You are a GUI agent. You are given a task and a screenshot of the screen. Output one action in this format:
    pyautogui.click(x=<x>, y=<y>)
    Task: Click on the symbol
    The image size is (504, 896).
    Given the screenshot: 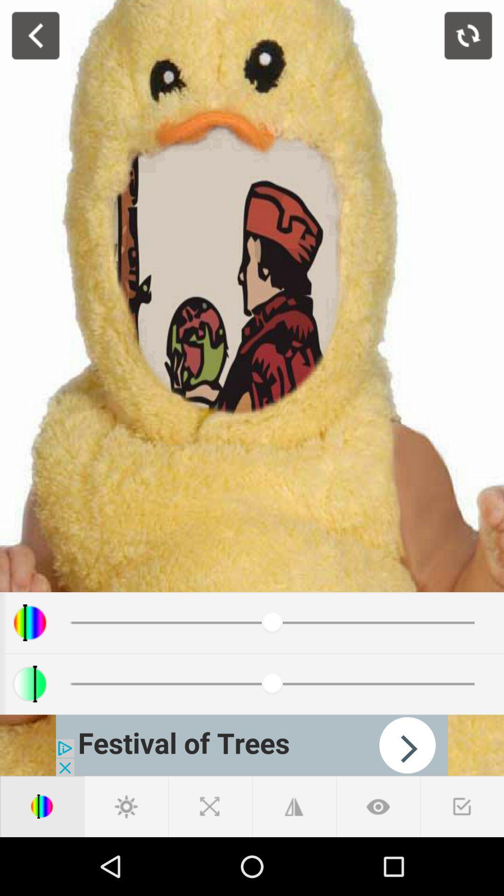 What is the action you would take?
    pyautogui.click(x=462, y=806)
    